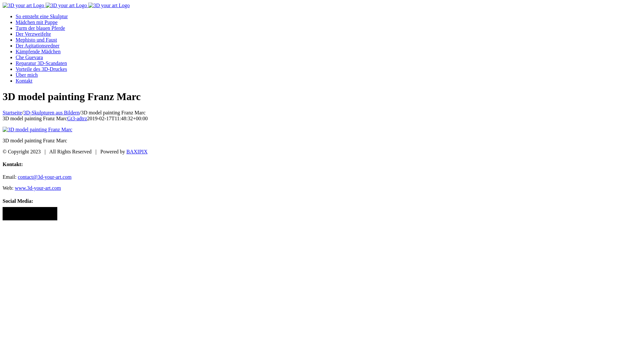  What do you see at coordinates (37, 214) in the screenshot?
I see `'YouTube'` at bounding box center [37, 214].